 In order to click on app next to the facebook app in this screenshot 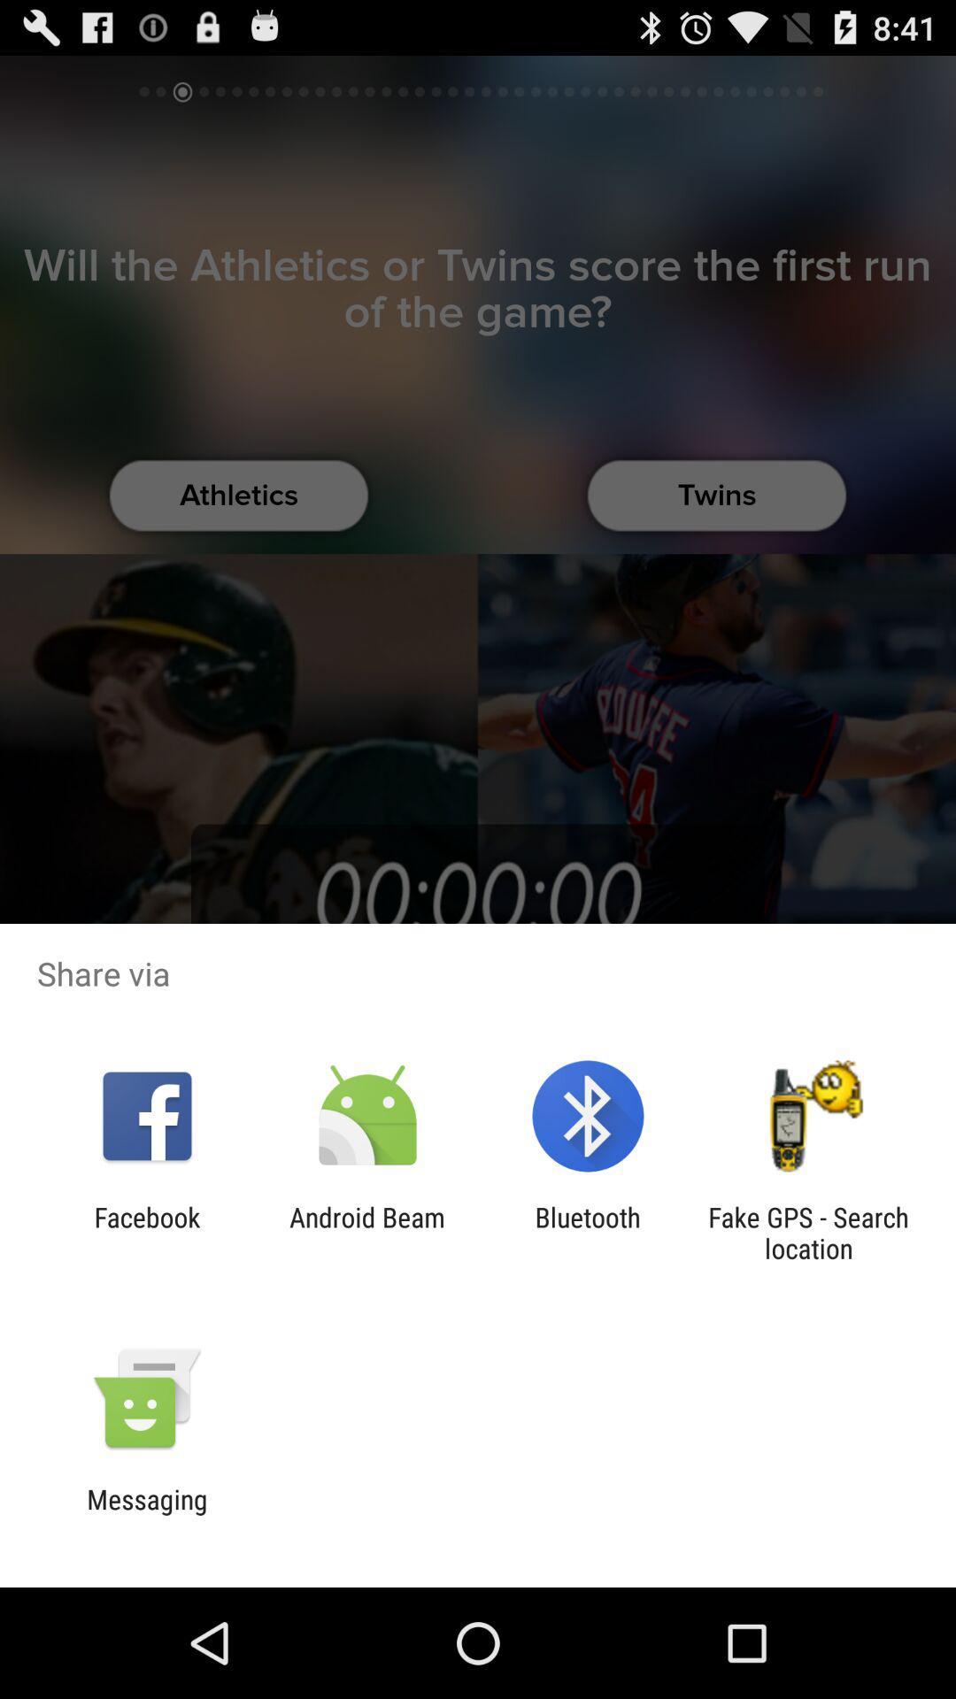, I will do `click(366, 1232)`.